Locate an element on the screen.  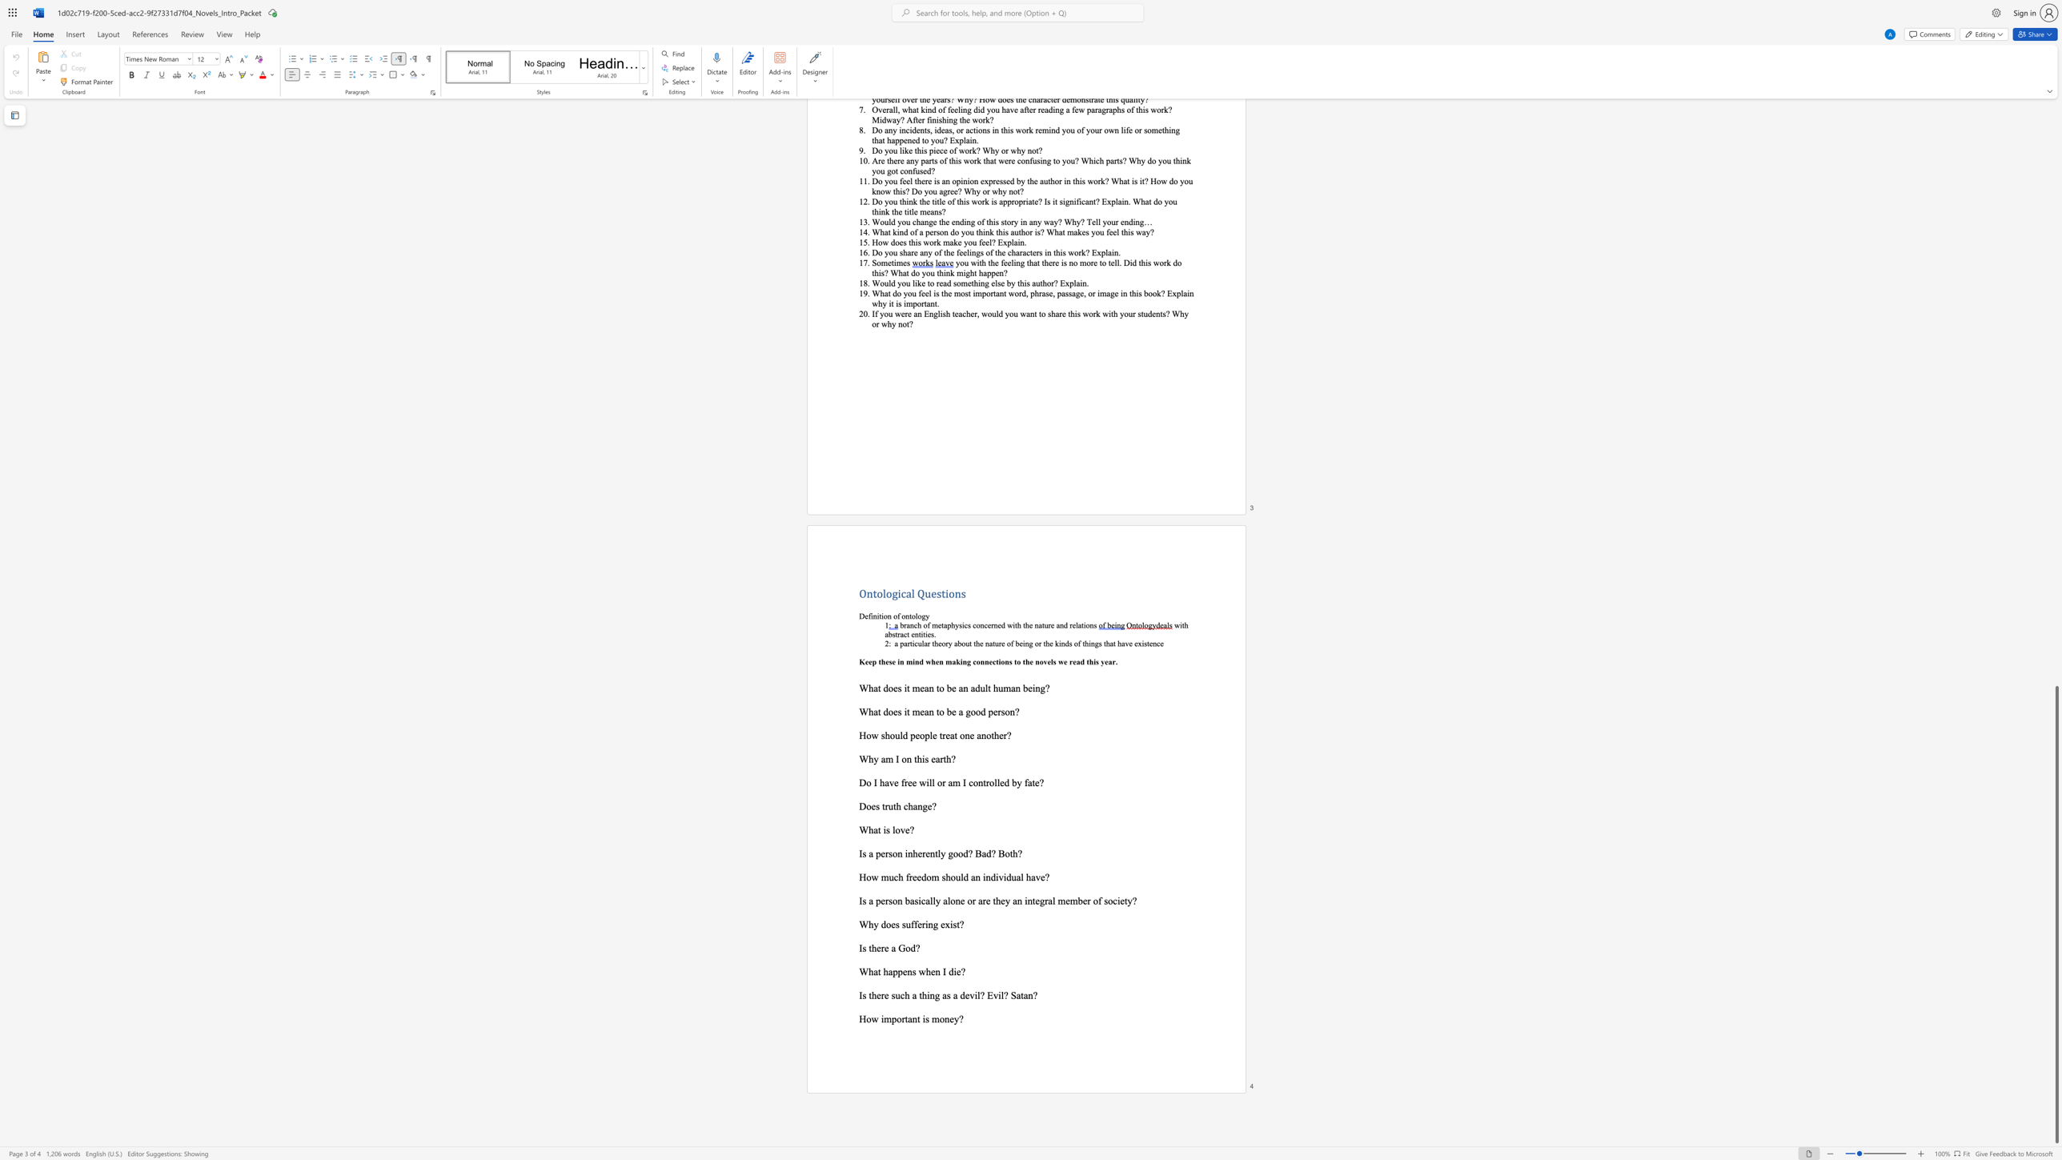
the 2th character "v" in the text is located at coordinates (994, 994).